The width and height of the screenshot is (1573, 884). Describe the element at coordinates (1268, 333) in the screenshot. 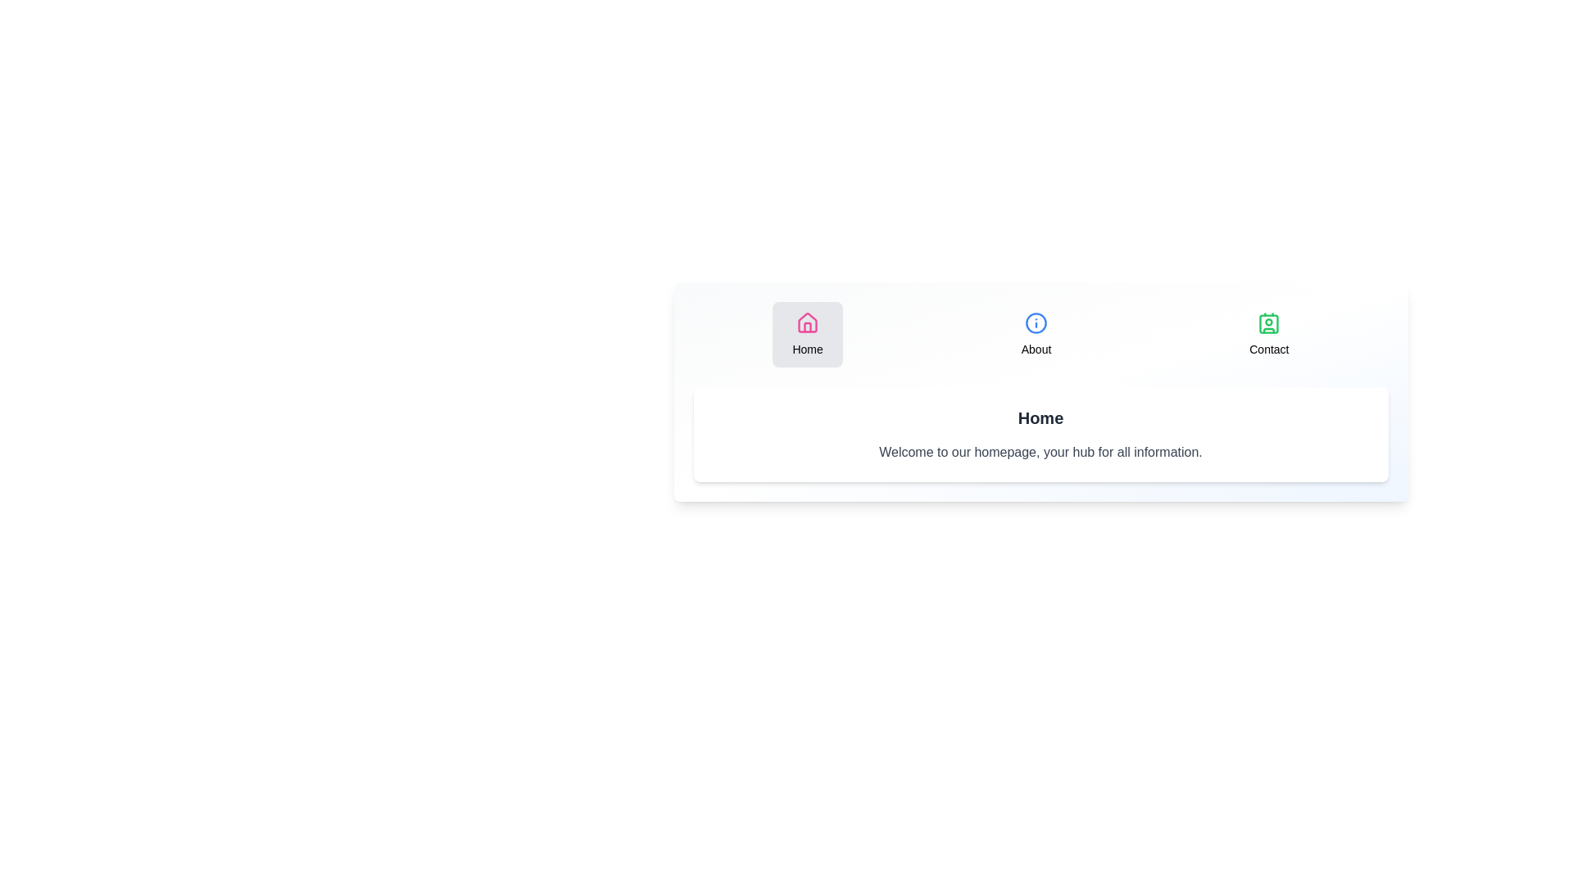

I see `the tab labeled Contact to preview its hover effect` at that location.